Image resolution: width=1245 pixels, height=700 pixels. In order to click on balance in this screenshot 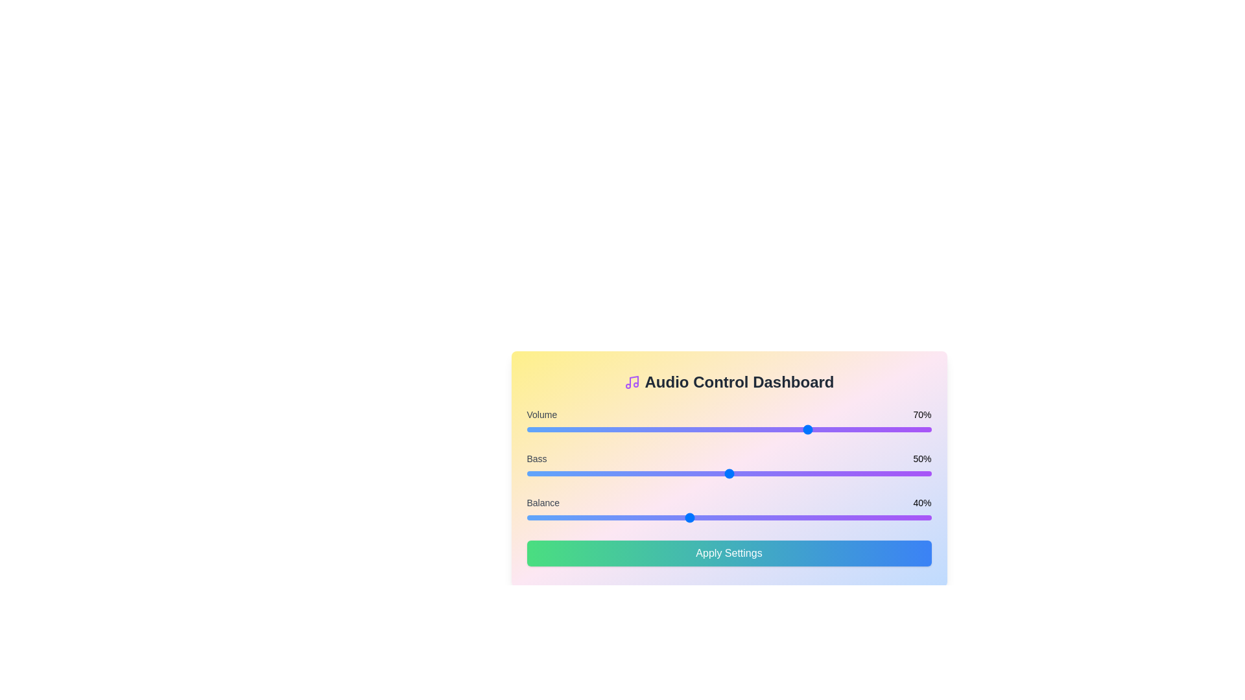, I will do `click(789, 517)`.